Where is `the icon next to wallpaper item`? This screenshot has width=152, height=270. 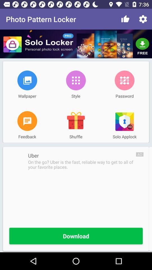 the icon next to wallpaper item is located at coordinates (76, 80).